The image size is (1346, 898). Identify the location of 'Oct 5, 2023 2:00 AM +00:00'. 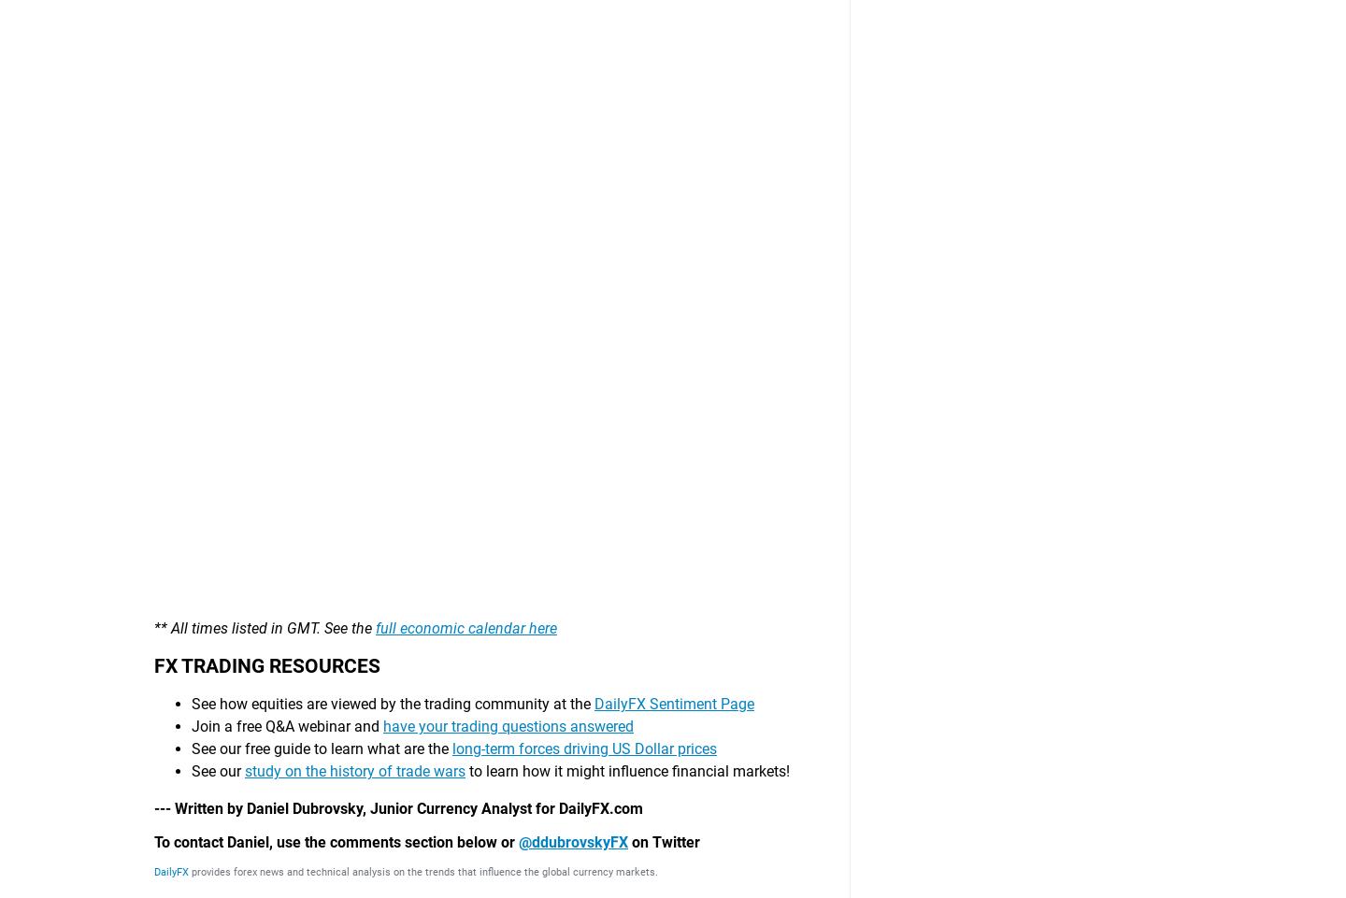
(258, 598).